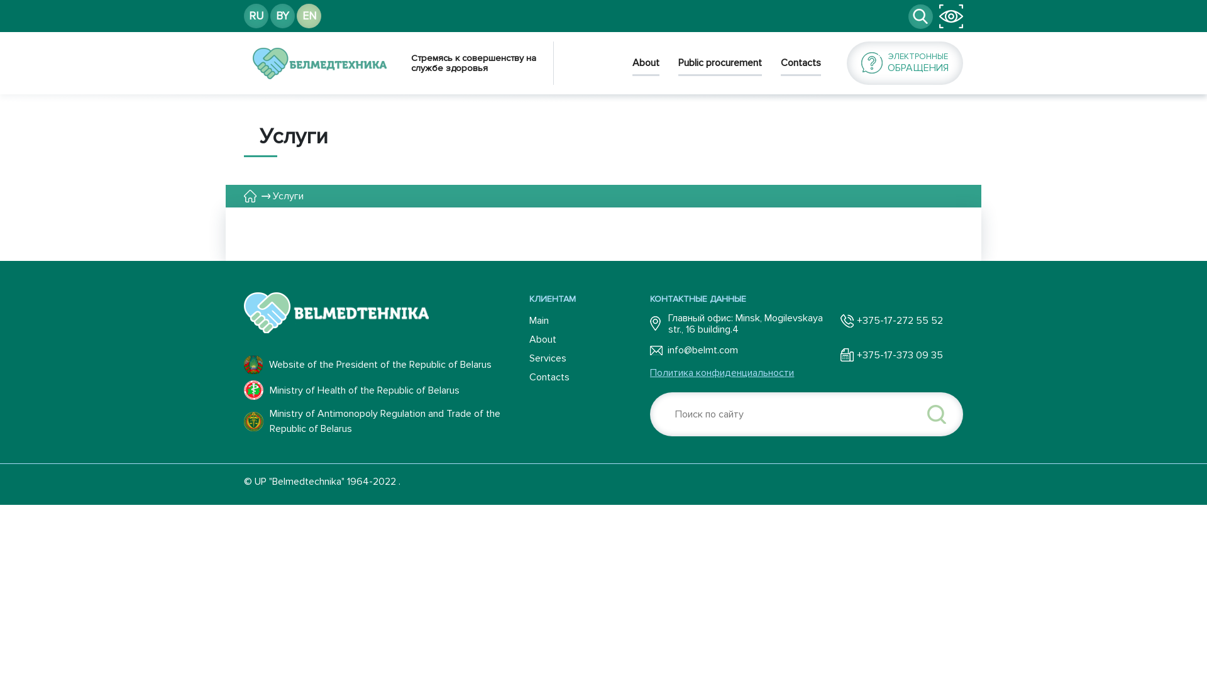  What do you see at coordinates (840, 355) in the screenshot?
I see `'+375-17-373 09 35'` at bounding box center [840, 355].